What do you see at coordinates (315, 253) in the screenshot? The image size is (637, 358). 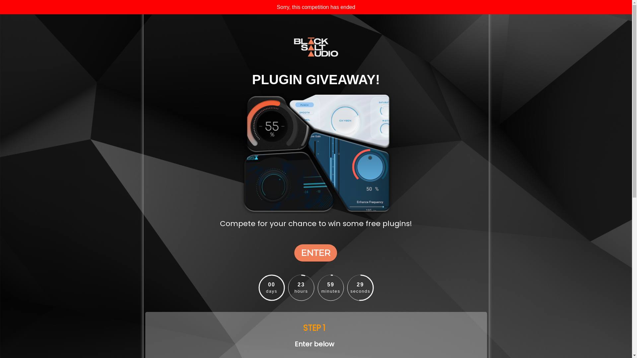 I see `'ENTER'` at bounding box center [315, 253].